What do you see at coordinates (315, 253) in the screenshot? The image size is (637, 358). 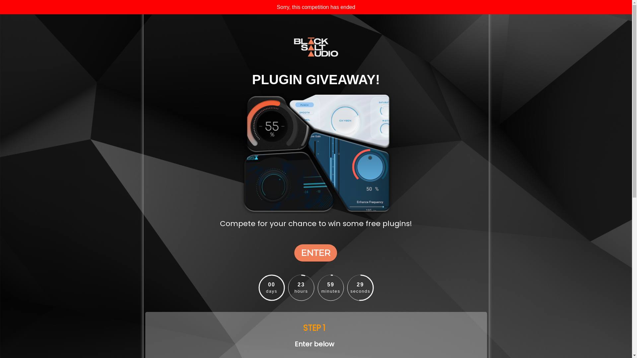 I see `'ENTER'` at bounding box center [315, 253].